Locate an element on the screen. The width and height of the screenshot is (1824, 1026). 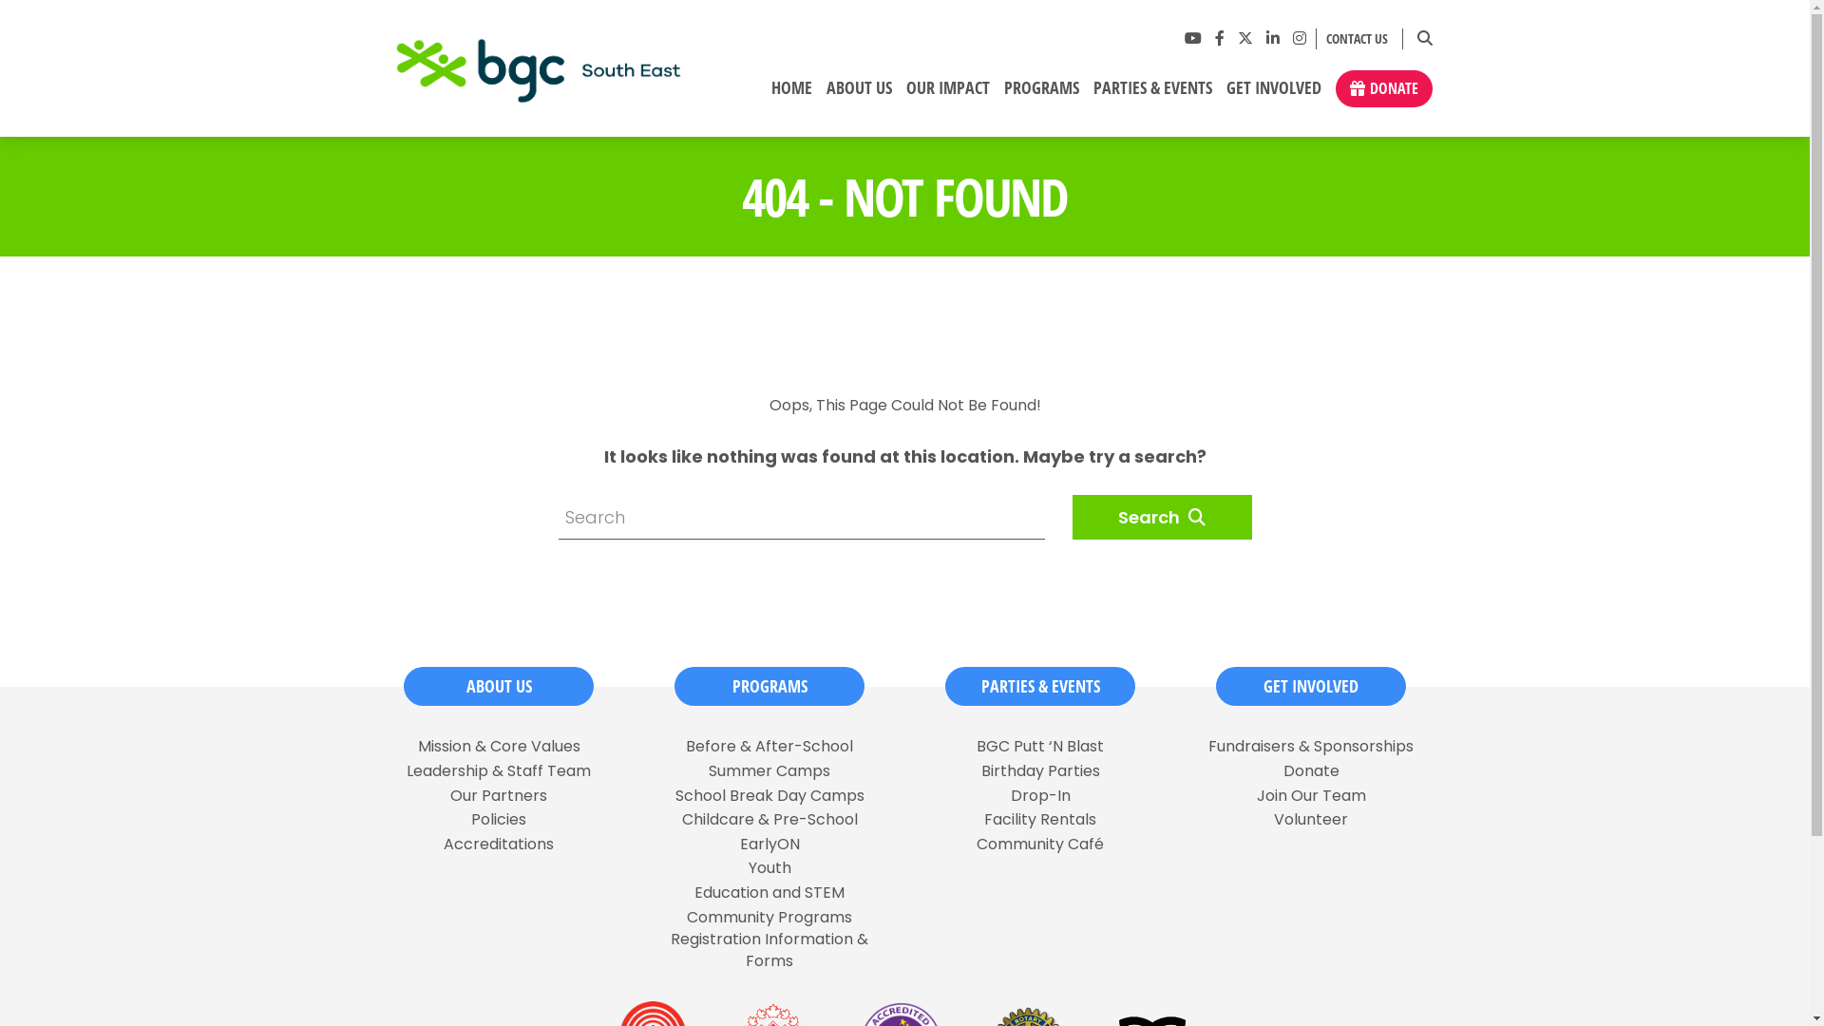
'DONATE' is located at coordinates (1384, 88).